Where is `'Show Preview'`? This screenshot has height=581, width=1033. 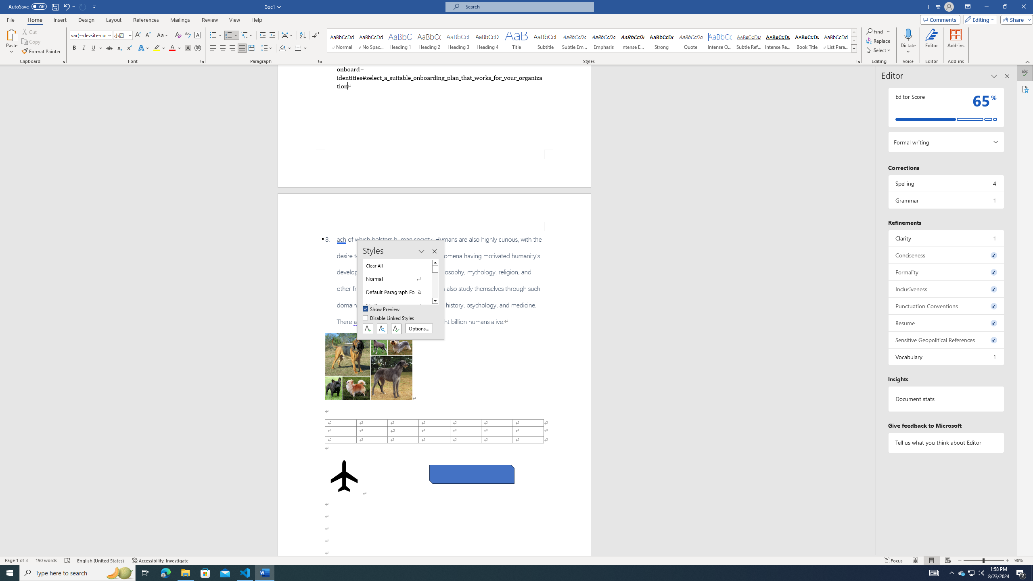
'Show Preview' is located at coordinates (381, 309).